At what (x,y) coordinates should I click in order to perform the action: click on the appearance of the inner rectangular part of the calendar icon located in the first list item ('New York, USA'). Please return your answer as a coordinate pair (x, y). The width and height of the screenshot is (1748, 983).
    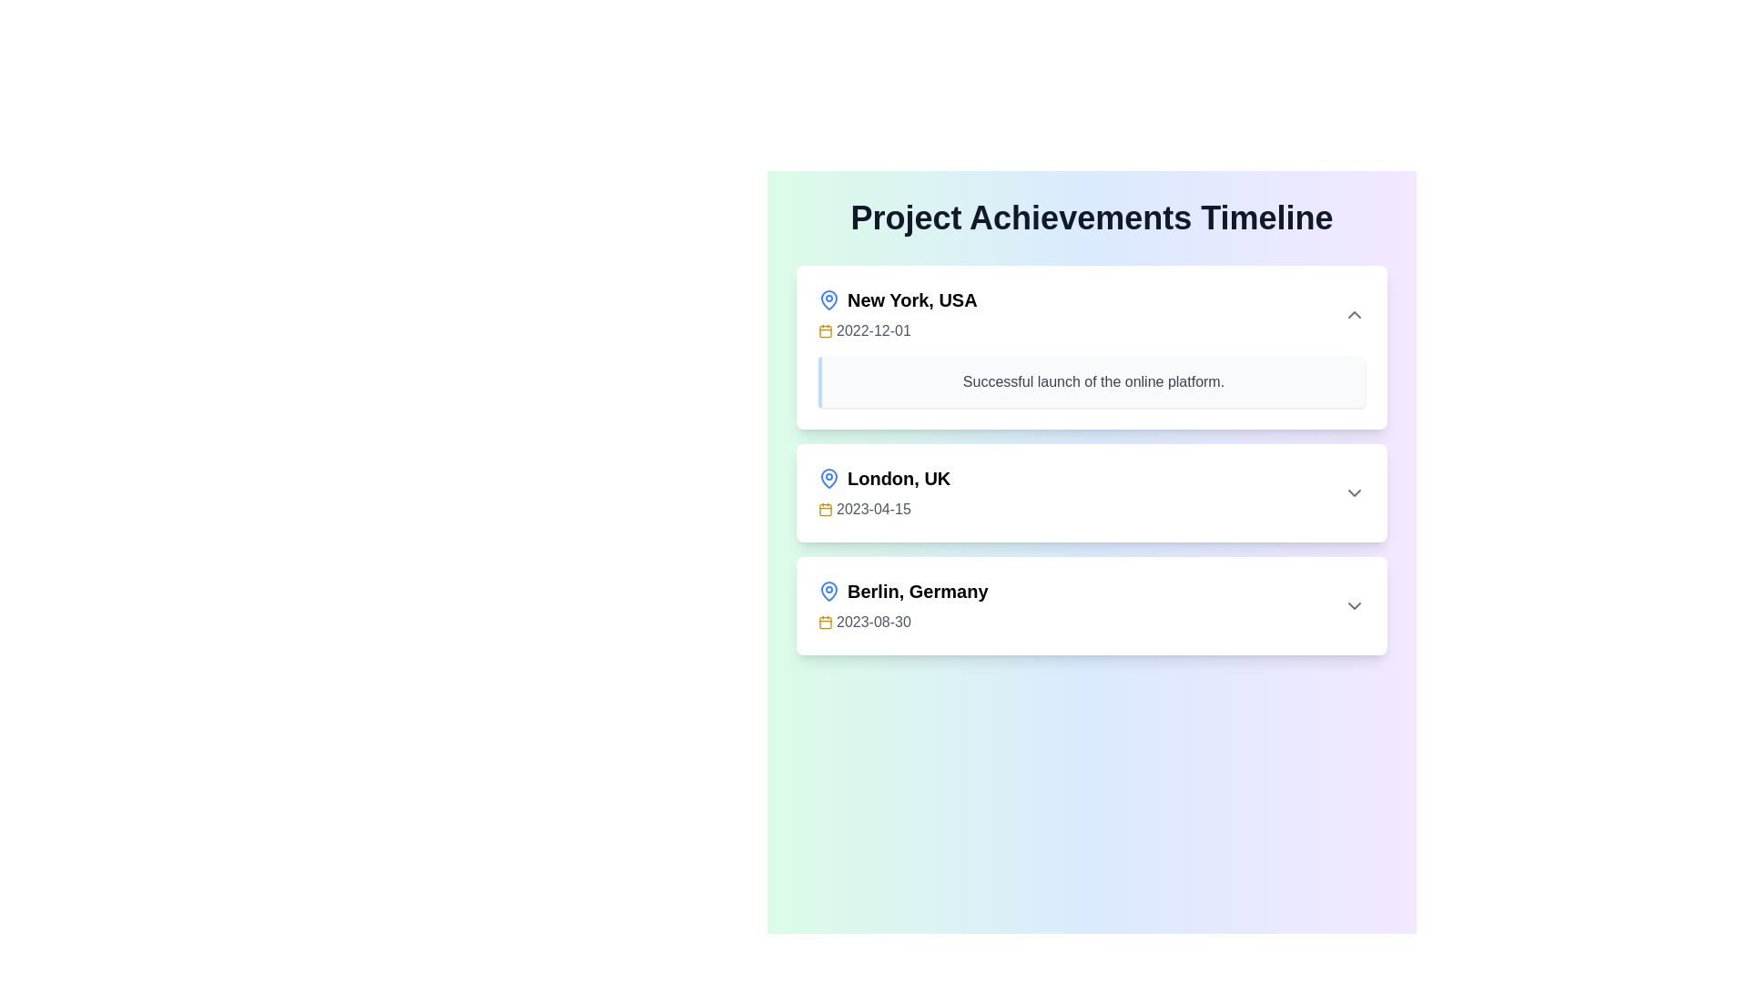
    Looking at the image, I should click on (825, 330).